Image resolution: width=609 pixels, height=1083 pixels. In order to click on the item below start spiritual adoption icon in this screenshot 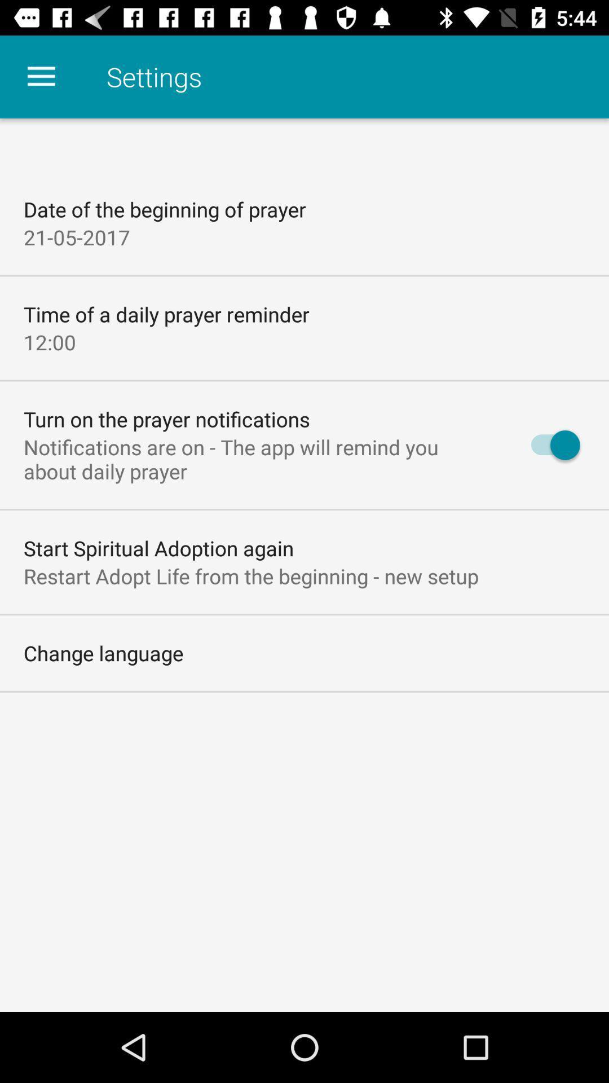, I will do `click(250, 576)`.